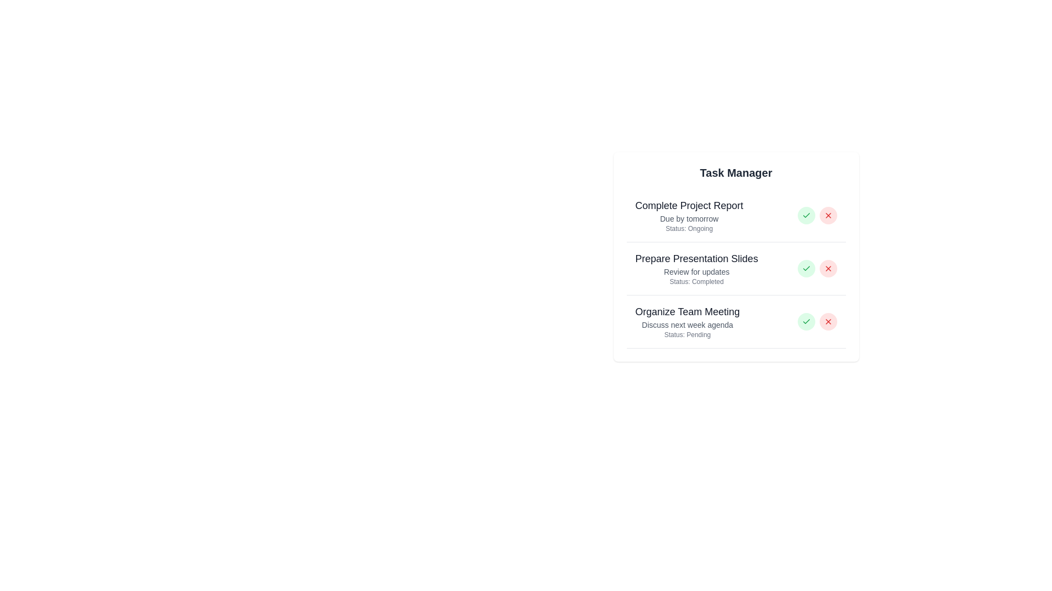 The height and width of the screenshot is (591, 1052). Describe the element at coordinates (688, 215) in the screenshot. I see `the static text block displaying 'Complete Project Report', 'Due by tomorrow', and 'Status: Ongoing' in the task management interface` at that location.